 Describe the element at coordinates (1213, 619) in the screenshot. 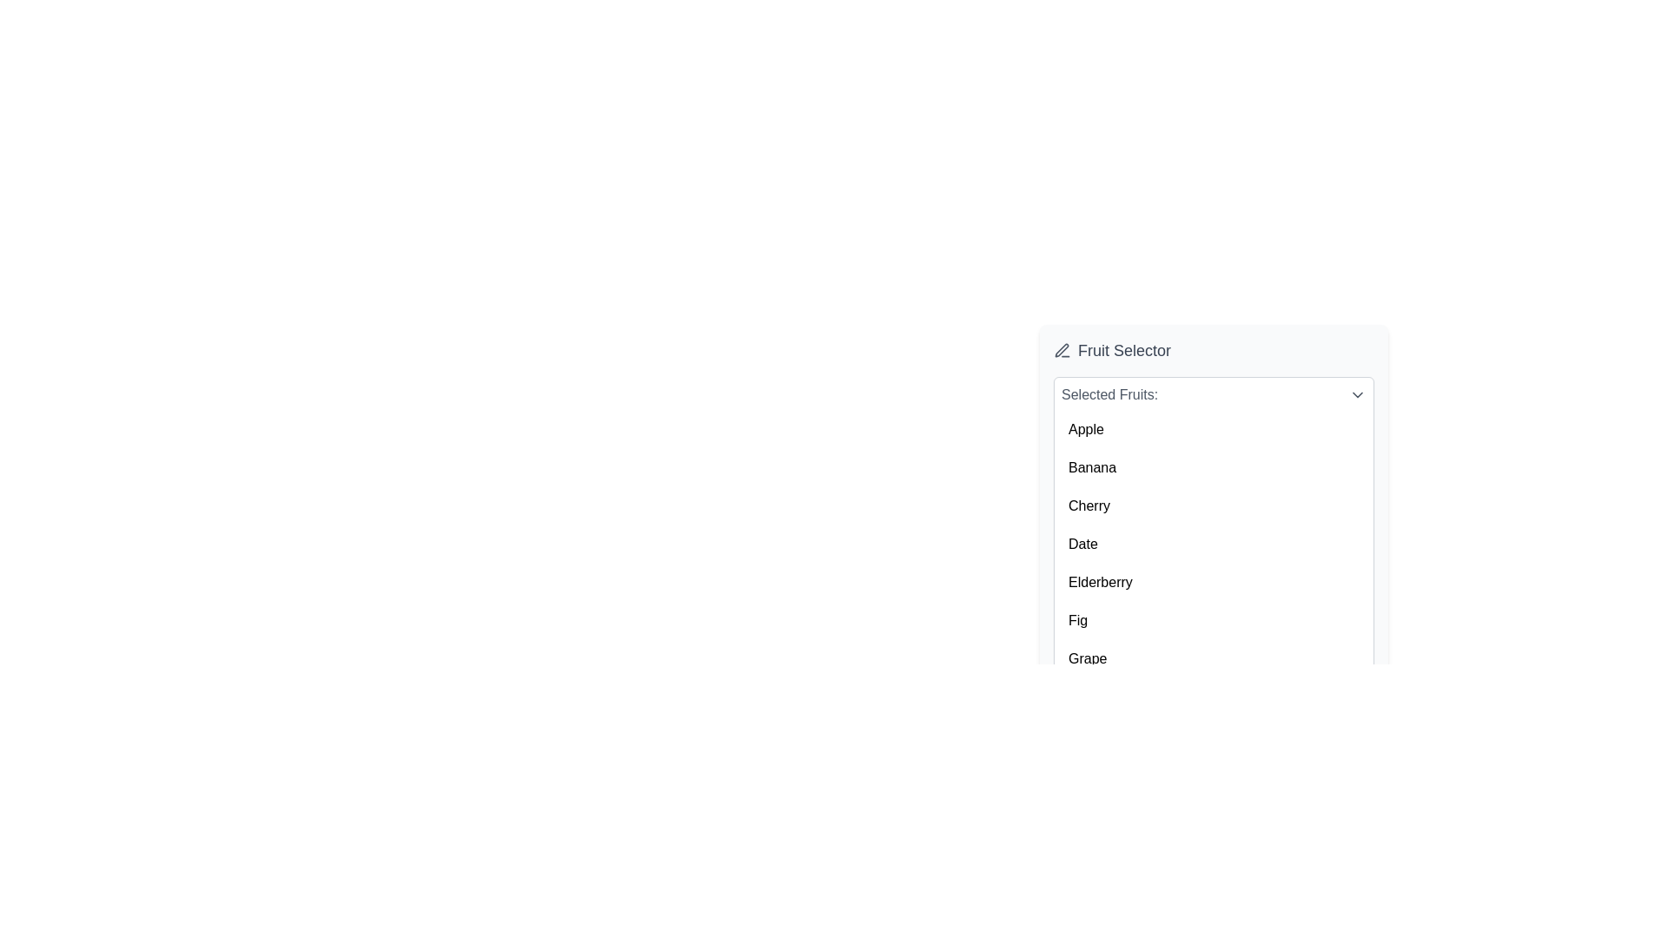

I see `the sixth item in the 'Selected Fruits' dropdown list` at that location.